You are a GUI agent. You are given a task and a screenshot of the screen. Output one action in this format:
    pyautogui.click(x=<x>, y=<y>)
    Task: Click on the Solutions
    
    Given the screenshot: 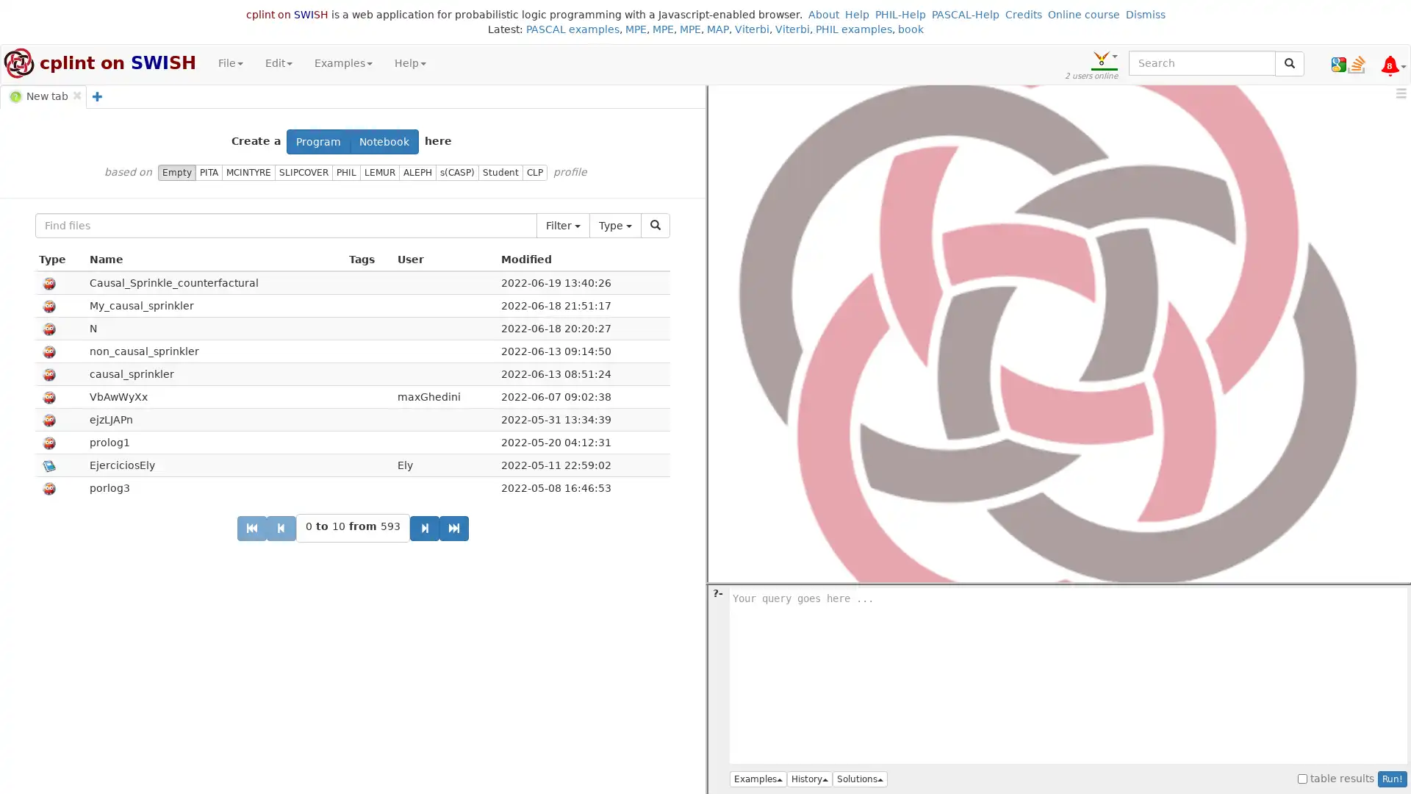 What is the action you would take?
    pyautogui.click(x=860, y=779)
    